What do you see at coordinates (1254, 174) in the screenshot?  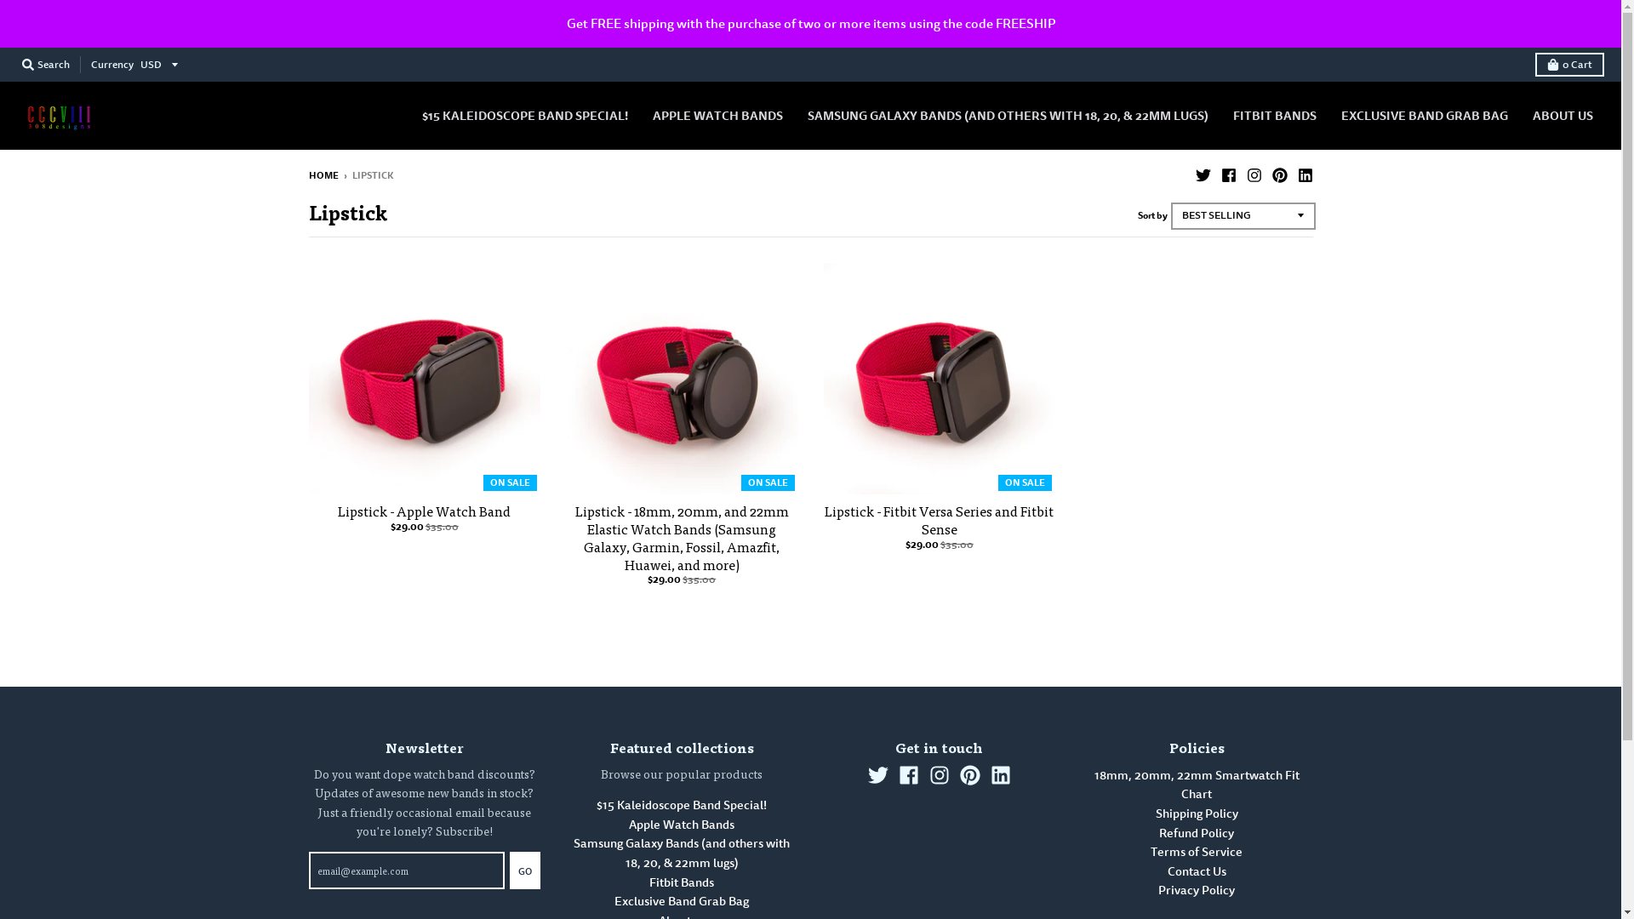 I see `'Instagram - 308designs - CCCVIII'` at bounding box center [1254, 174].